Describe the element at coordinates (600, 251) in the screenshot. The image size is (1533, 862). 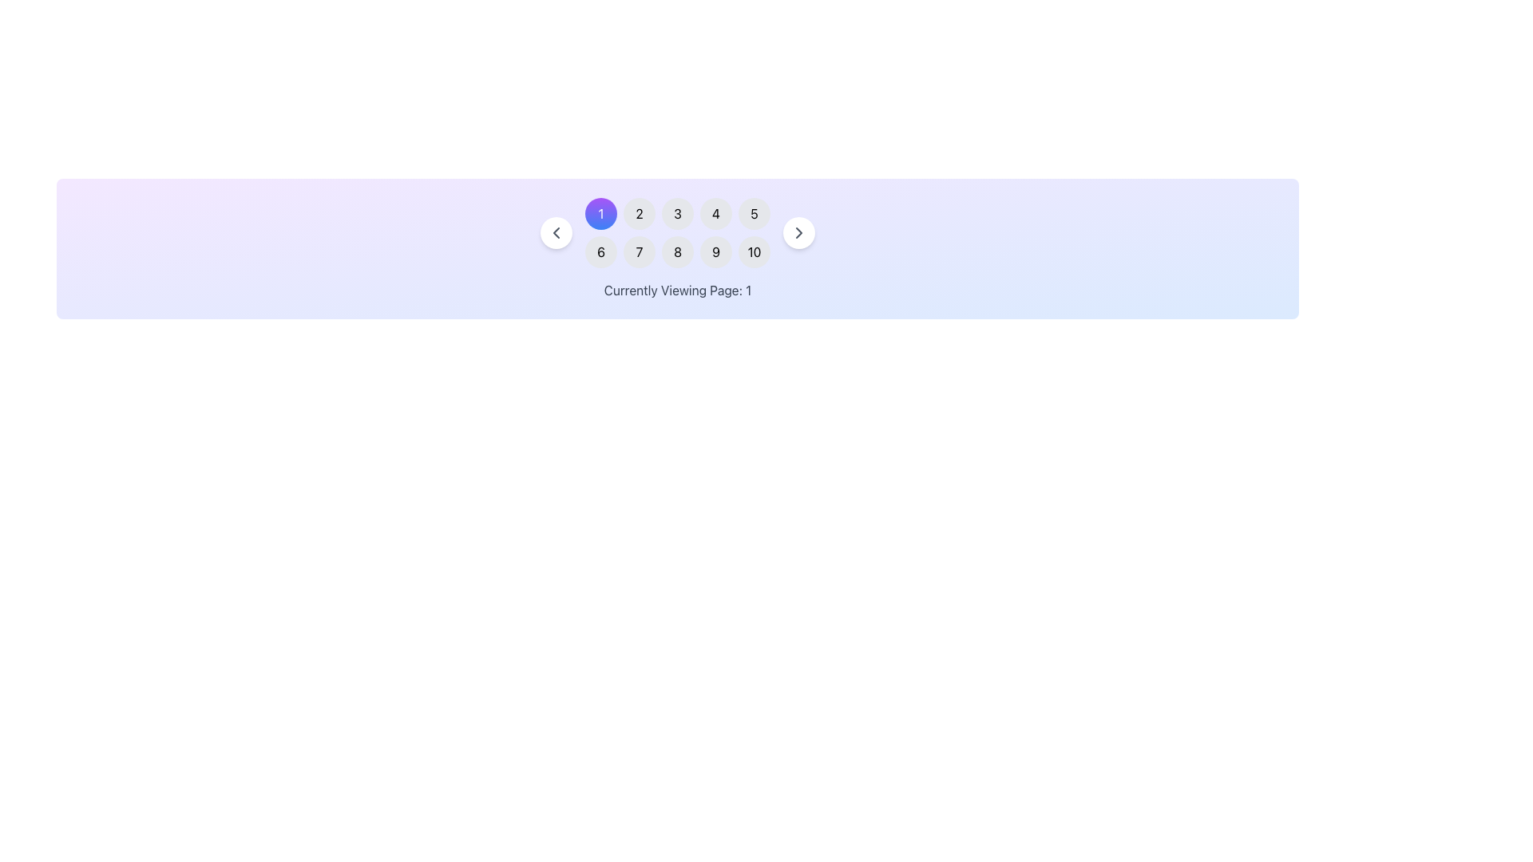
I see `the first button in the second row of a grid layout` at that location.